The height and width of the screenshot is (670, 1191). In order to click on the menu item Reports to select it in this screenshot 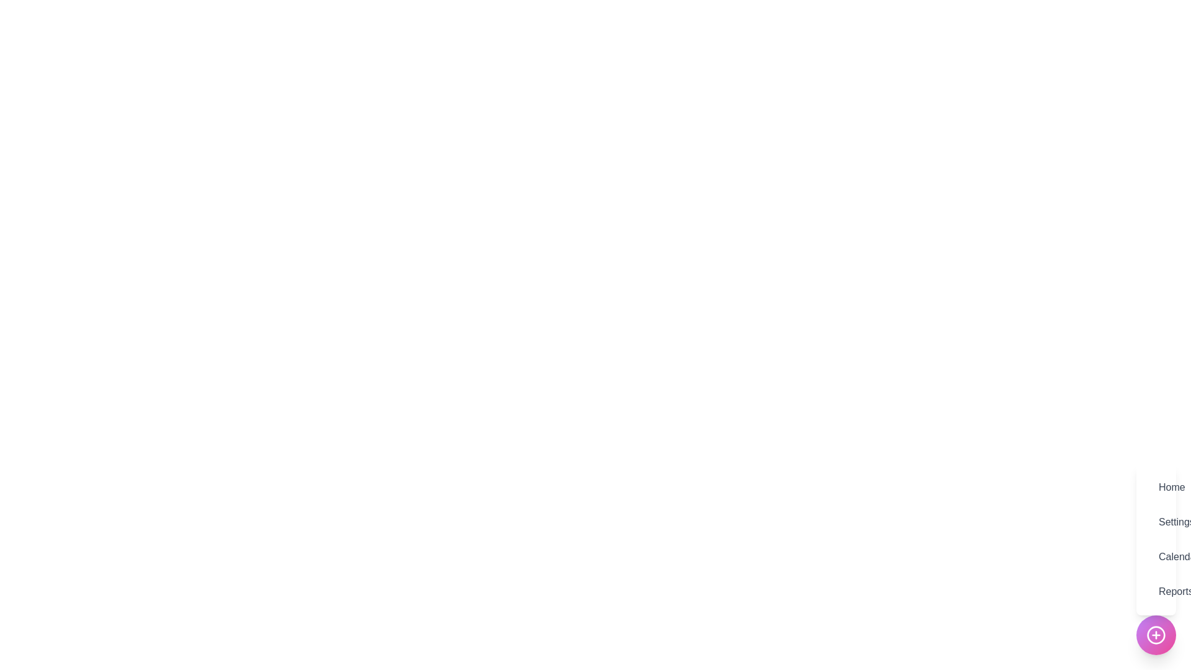, I will do `click(1155, 591)`.